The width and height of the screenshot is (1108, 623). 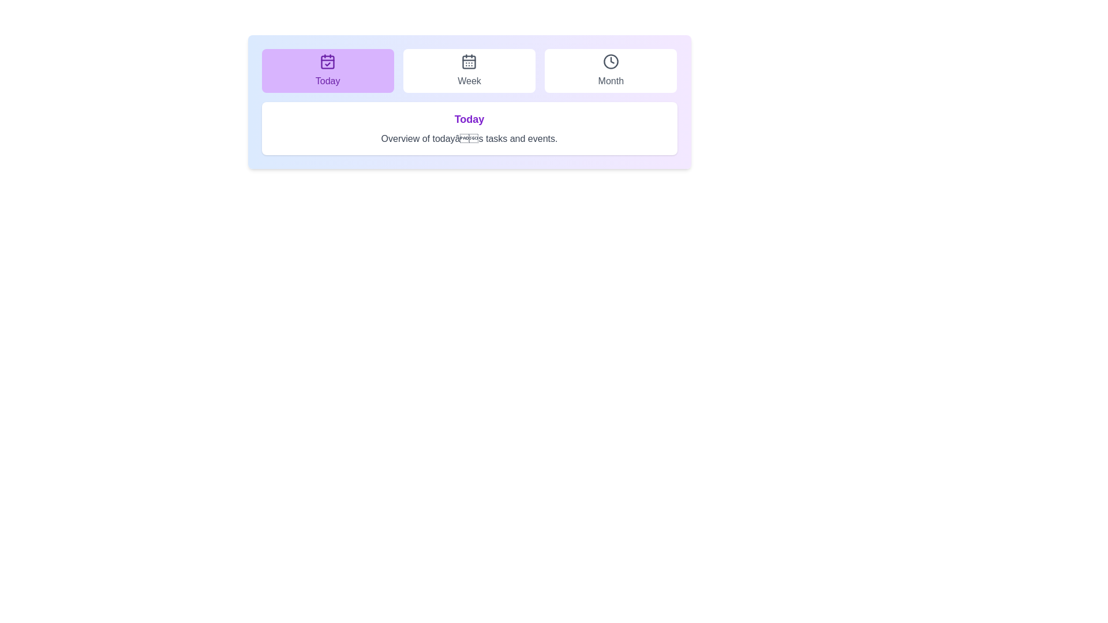 What do you see at coordinates (469, 62) in the screenshot?
I see `the icon within the Week tab` at bounding box center [469, 62].